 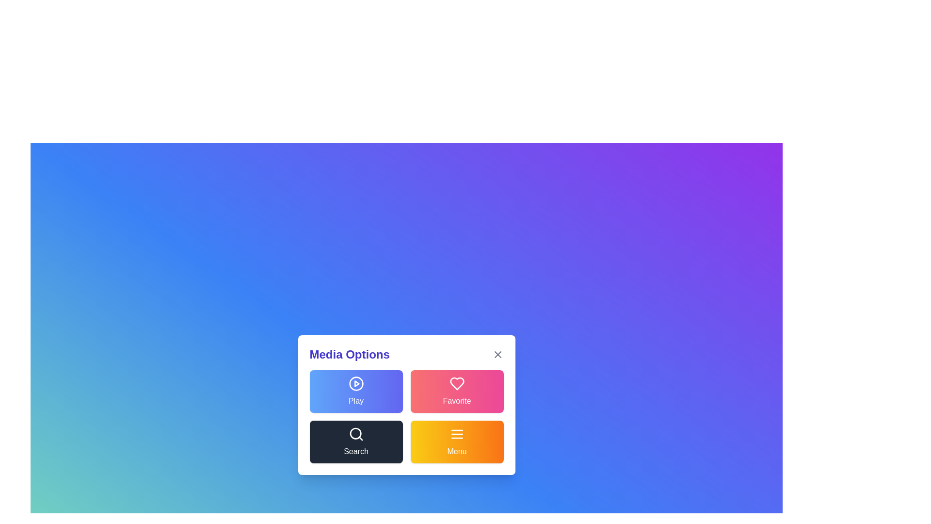 I want to click on the play icon, which is a circle enclosing a play triangle, located in the top-left corner of the 'Media Options' menu to possibly reveal a tooltip, so click(x=355, y=383).